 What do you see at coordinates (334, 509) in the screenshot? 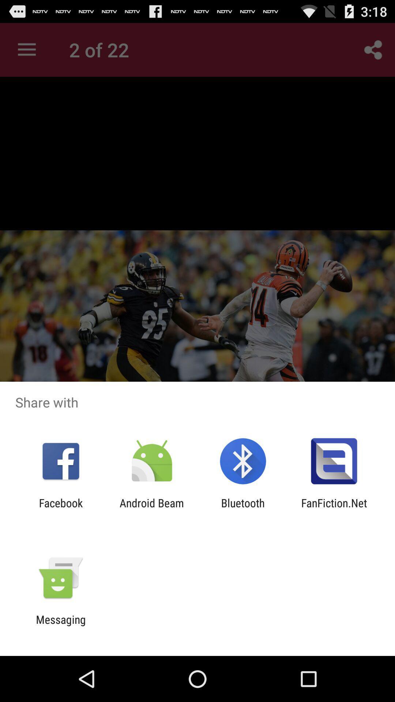
I see `the app next to bluetooth icon` at bounding box center [334, 509].